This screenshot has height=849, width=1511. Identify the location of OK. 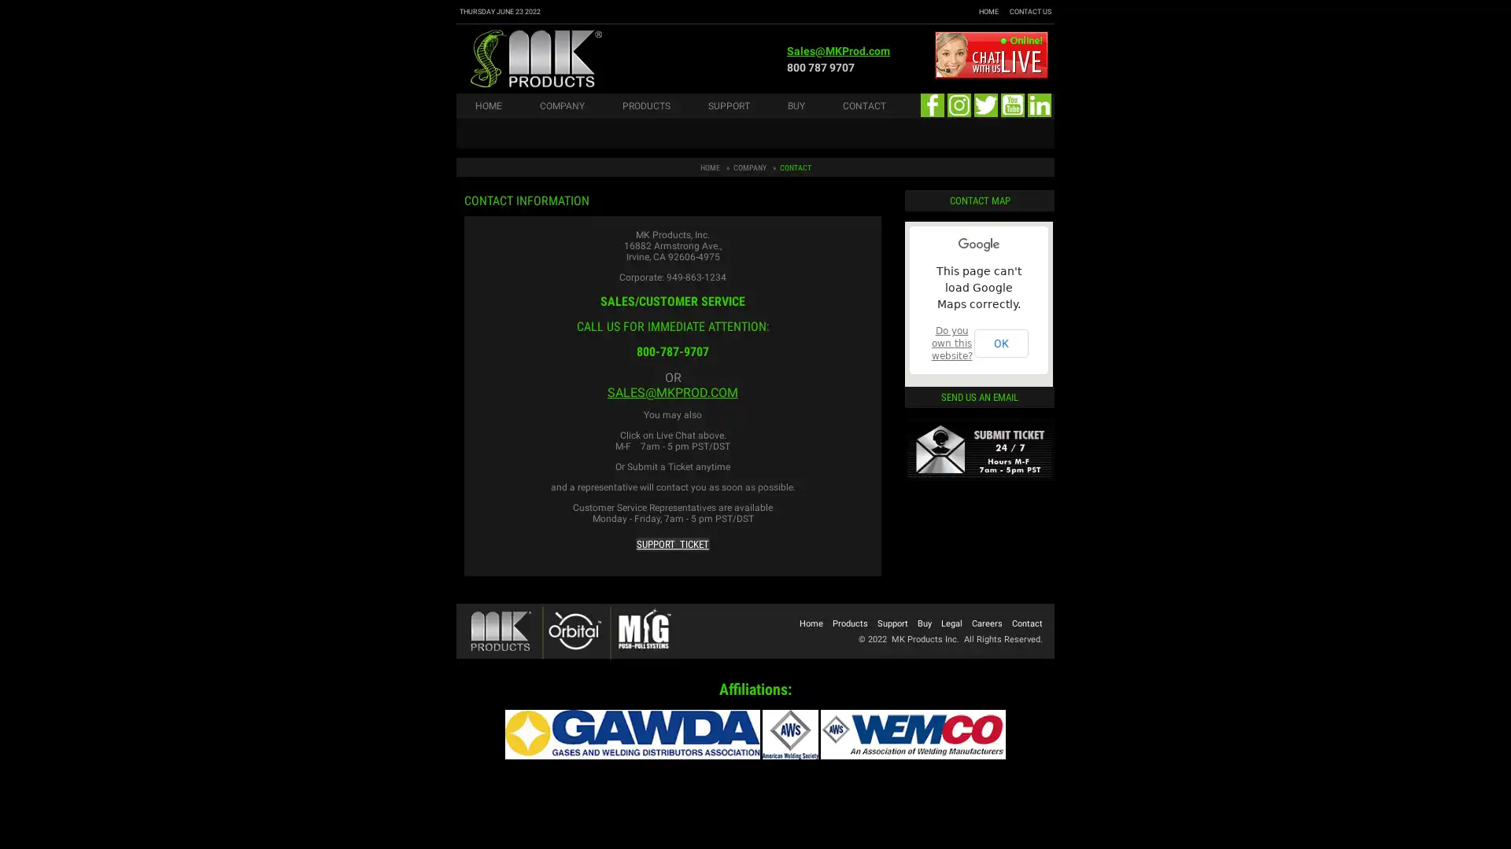
(1000, 342).